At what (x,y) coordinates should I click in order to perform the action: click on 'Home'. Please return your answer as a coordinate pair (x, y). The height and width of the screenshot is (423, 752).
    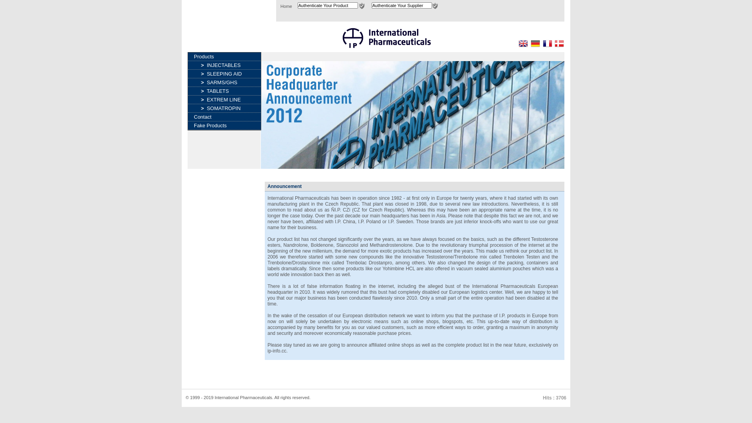
    Looking at the image, I should click on (280, 6).